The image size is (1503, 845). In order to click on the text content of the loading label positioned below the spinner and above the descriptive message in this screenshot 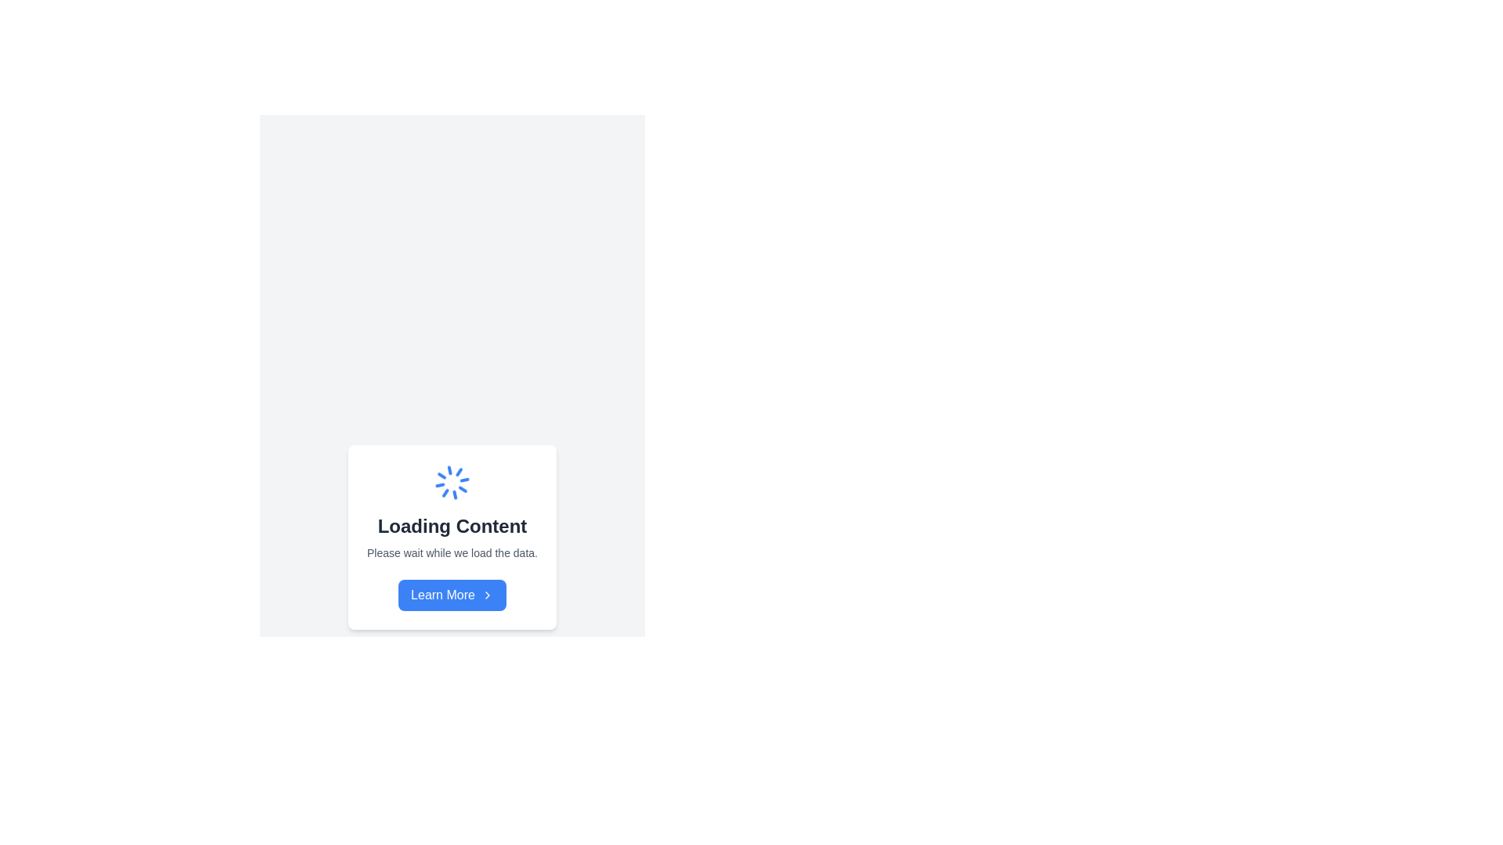, I will do `click(451, 526)`.